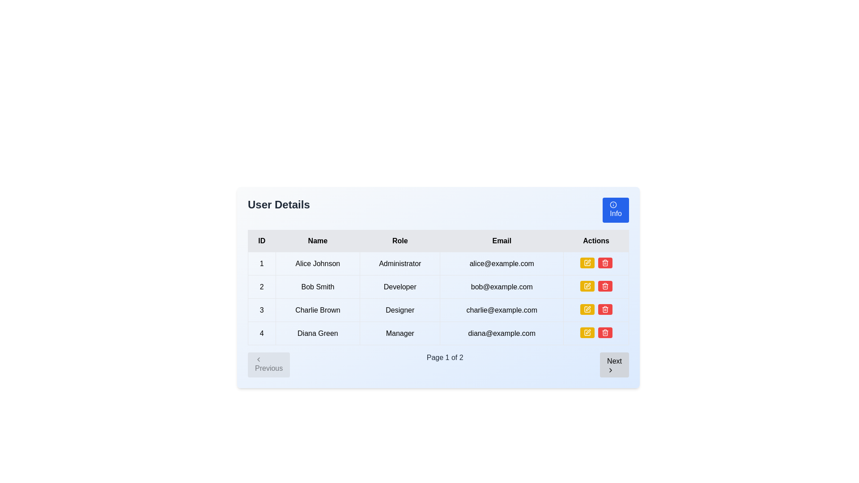  Describe the element at coordinates (605, 309) in the screenshot. I see `the red button with a trash bin icon in the 'Actions' column of the fourth row in the 'User Details' table` at that location.